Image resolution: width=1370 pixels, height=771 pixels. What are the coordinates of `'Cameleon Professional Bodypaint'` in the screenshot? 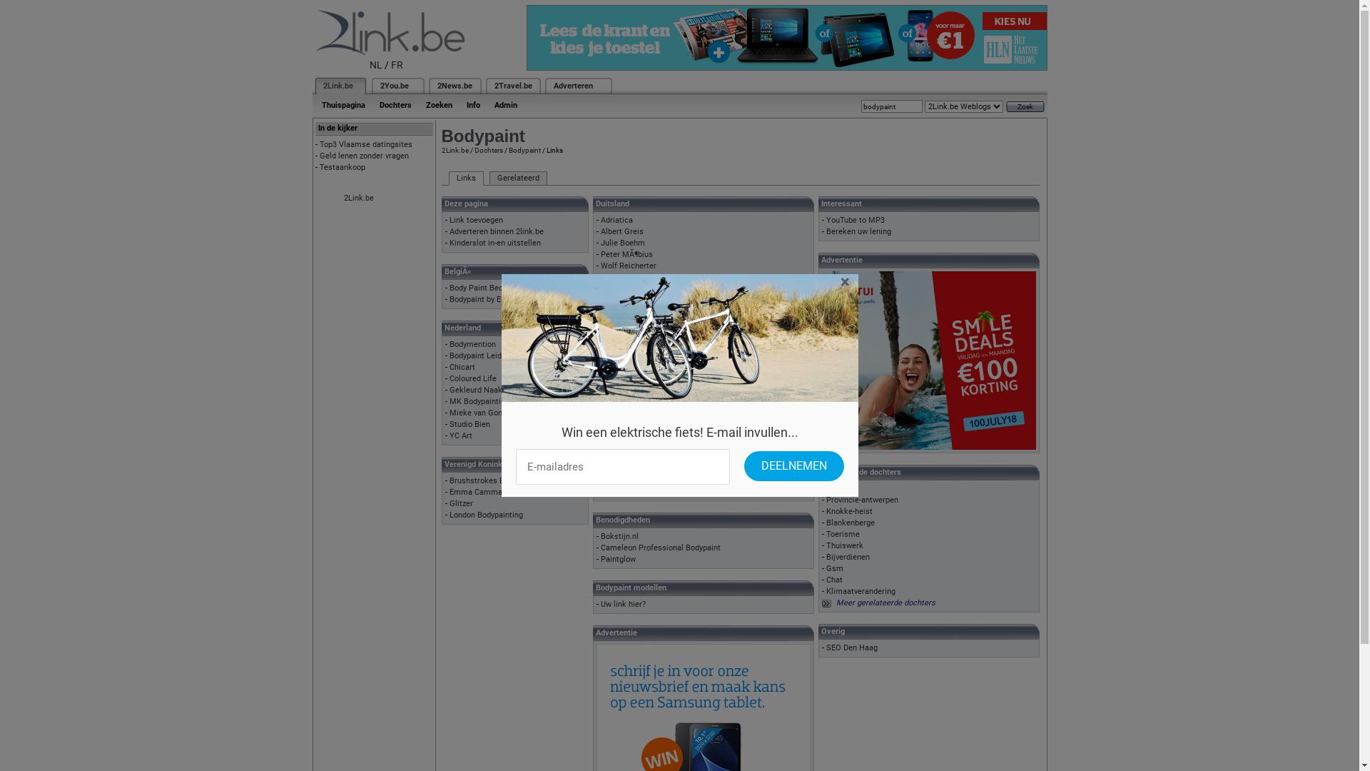 It's located at (660, 547).